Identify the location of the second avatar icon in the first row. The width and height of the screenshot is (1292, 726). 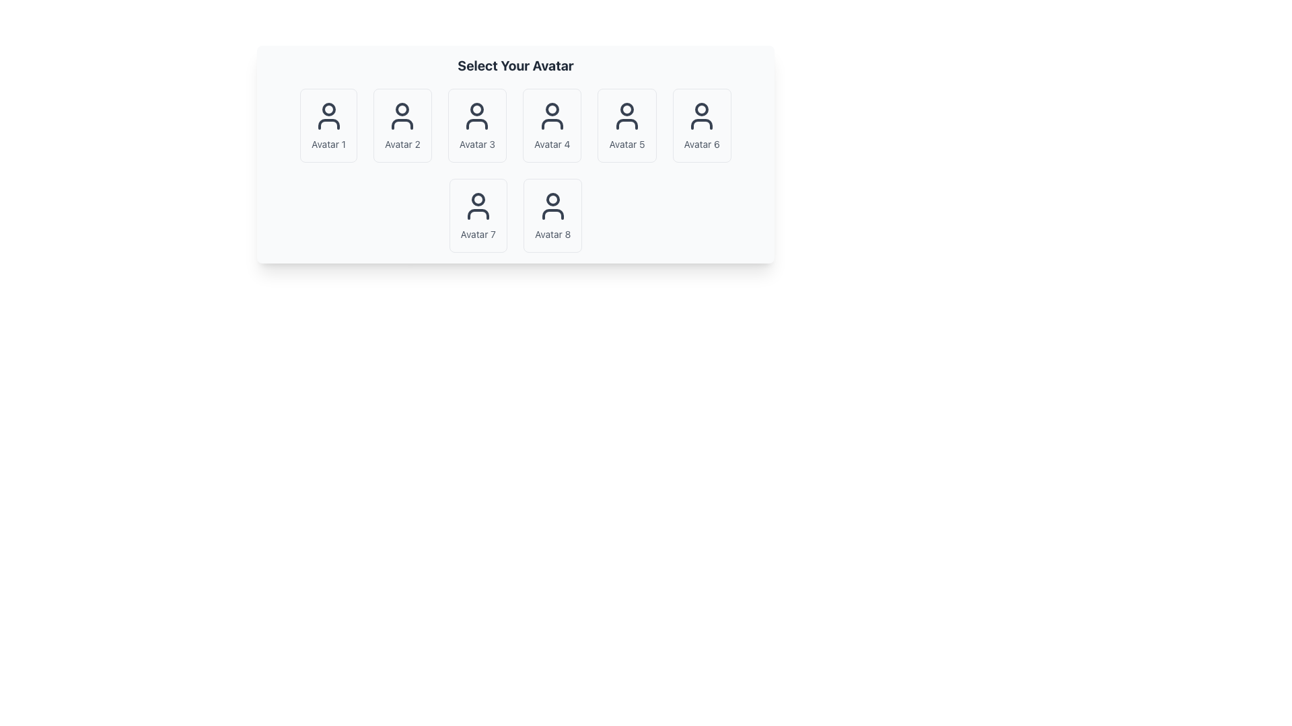
(402, 116).